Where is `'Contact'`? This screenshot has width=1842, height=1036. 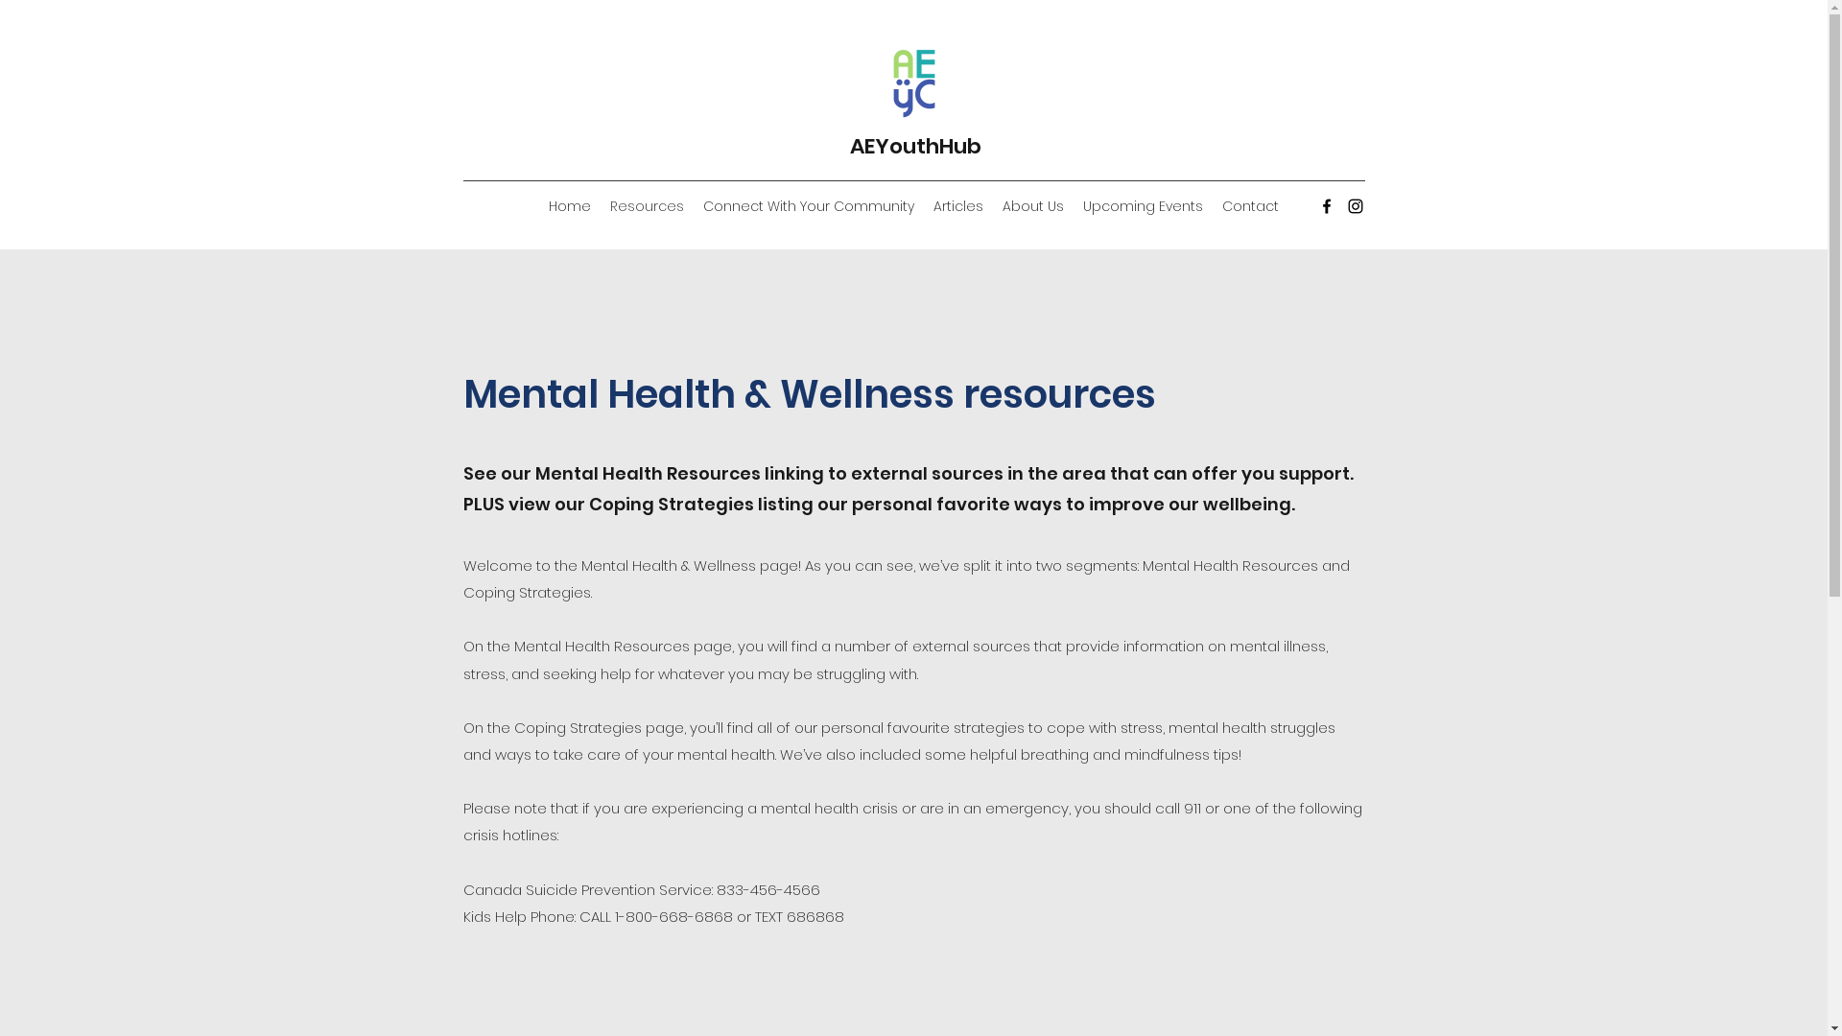
'Contact' is located at coordinates (1211, 206).